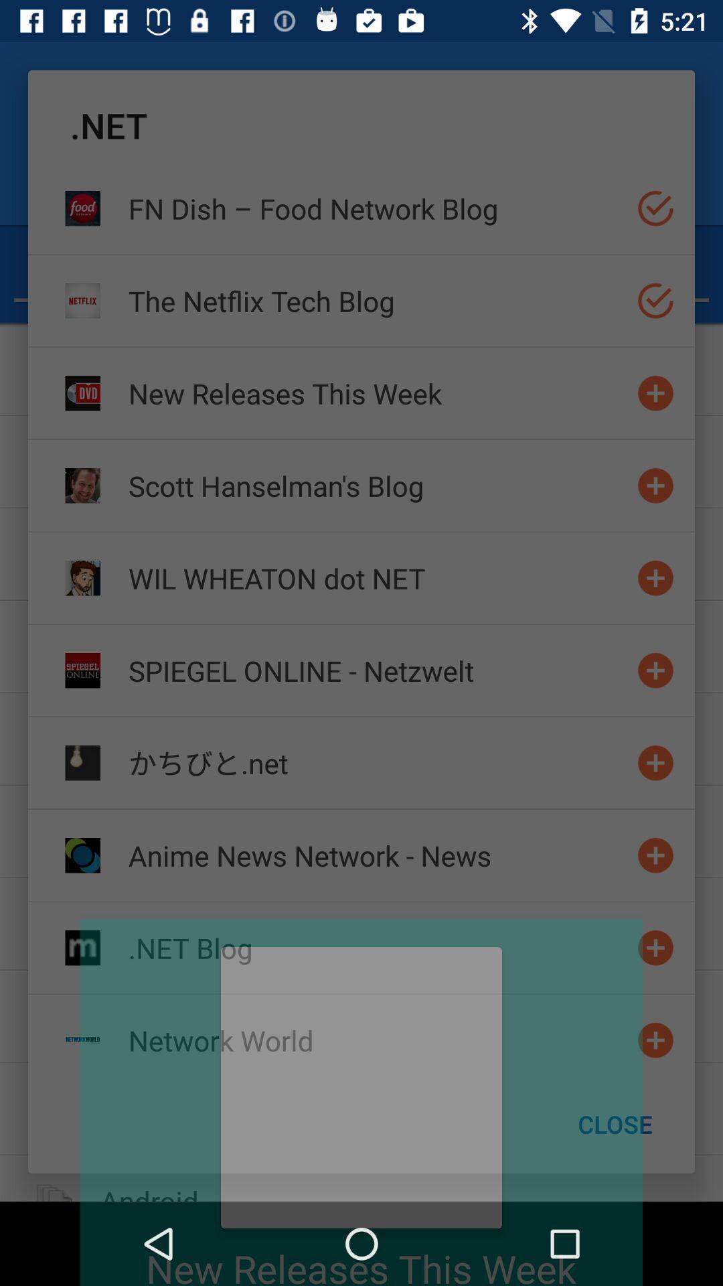  What do you see at coordinates (377, 1040) in the screenshot?
I see `icon below .net blog icon` at bounding box center [377, 1040].